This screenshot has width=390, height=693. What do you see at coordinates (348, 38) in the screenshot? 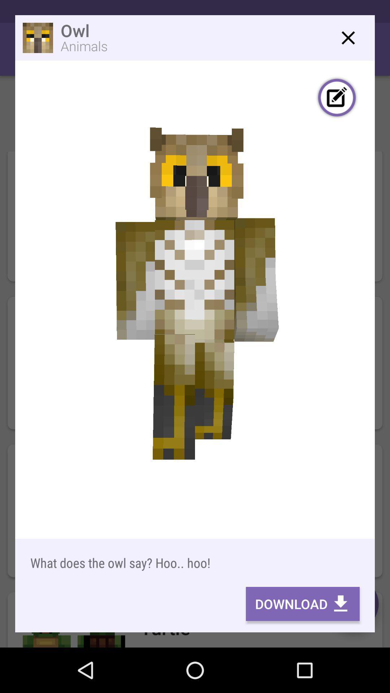
I see `the close icon` at bounding box center [348, 38].